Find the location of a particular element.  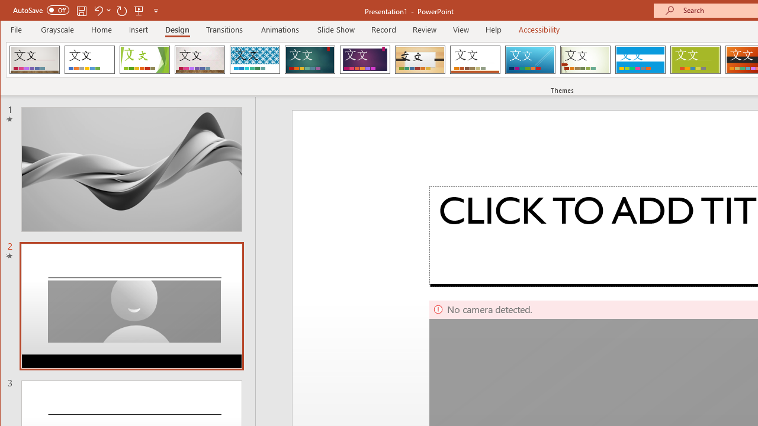

'Basis' is located at coordinates (695, 59).